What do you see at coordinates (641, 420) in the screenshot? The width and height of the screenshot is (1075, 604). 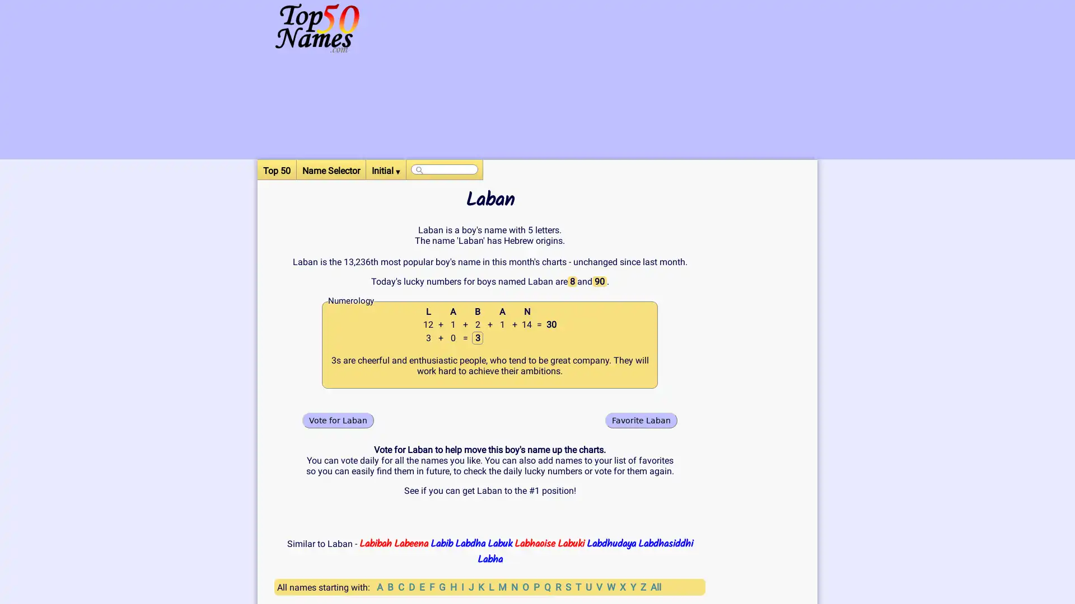 I see `Favorite Laban` at bounding box center [641, 420].